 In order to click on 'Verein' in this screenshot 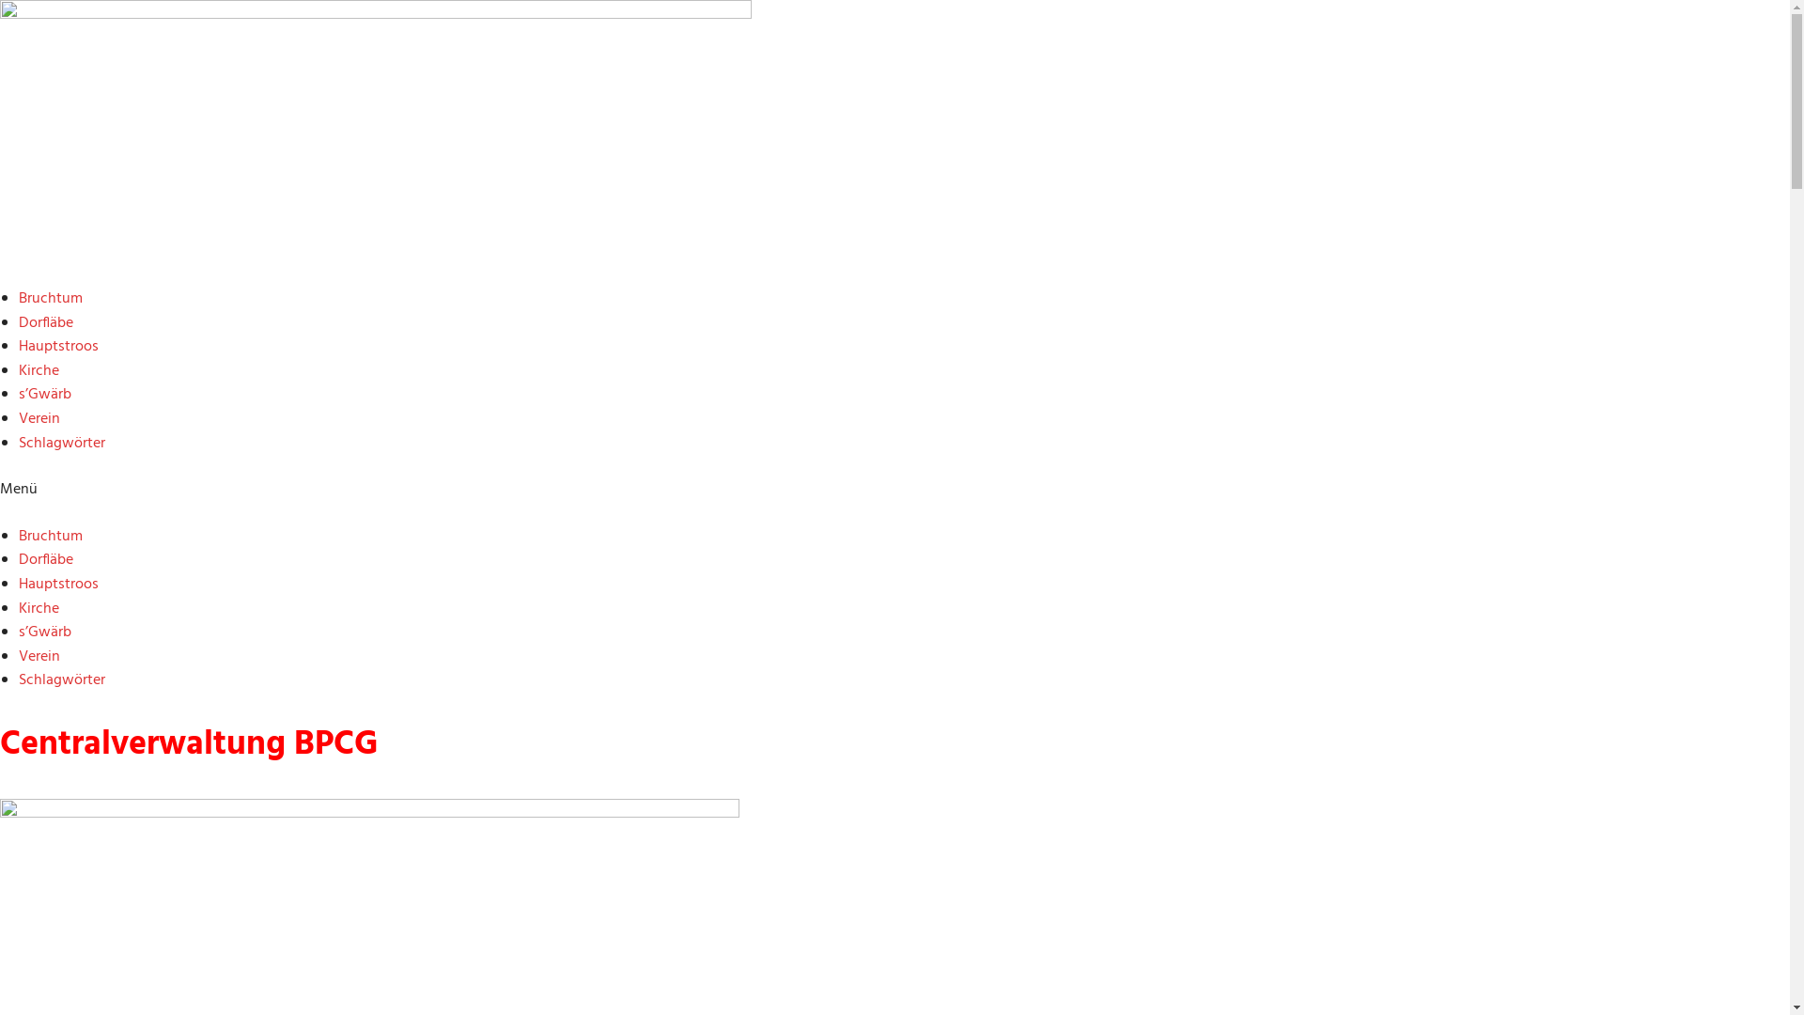, I will do `click(18, 655)`.